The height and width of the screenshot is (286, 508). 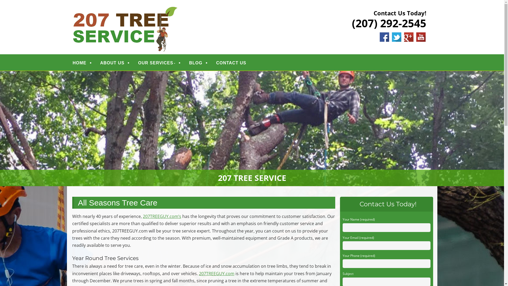 I want to click on 'HOME', so click(x=79, y=62).